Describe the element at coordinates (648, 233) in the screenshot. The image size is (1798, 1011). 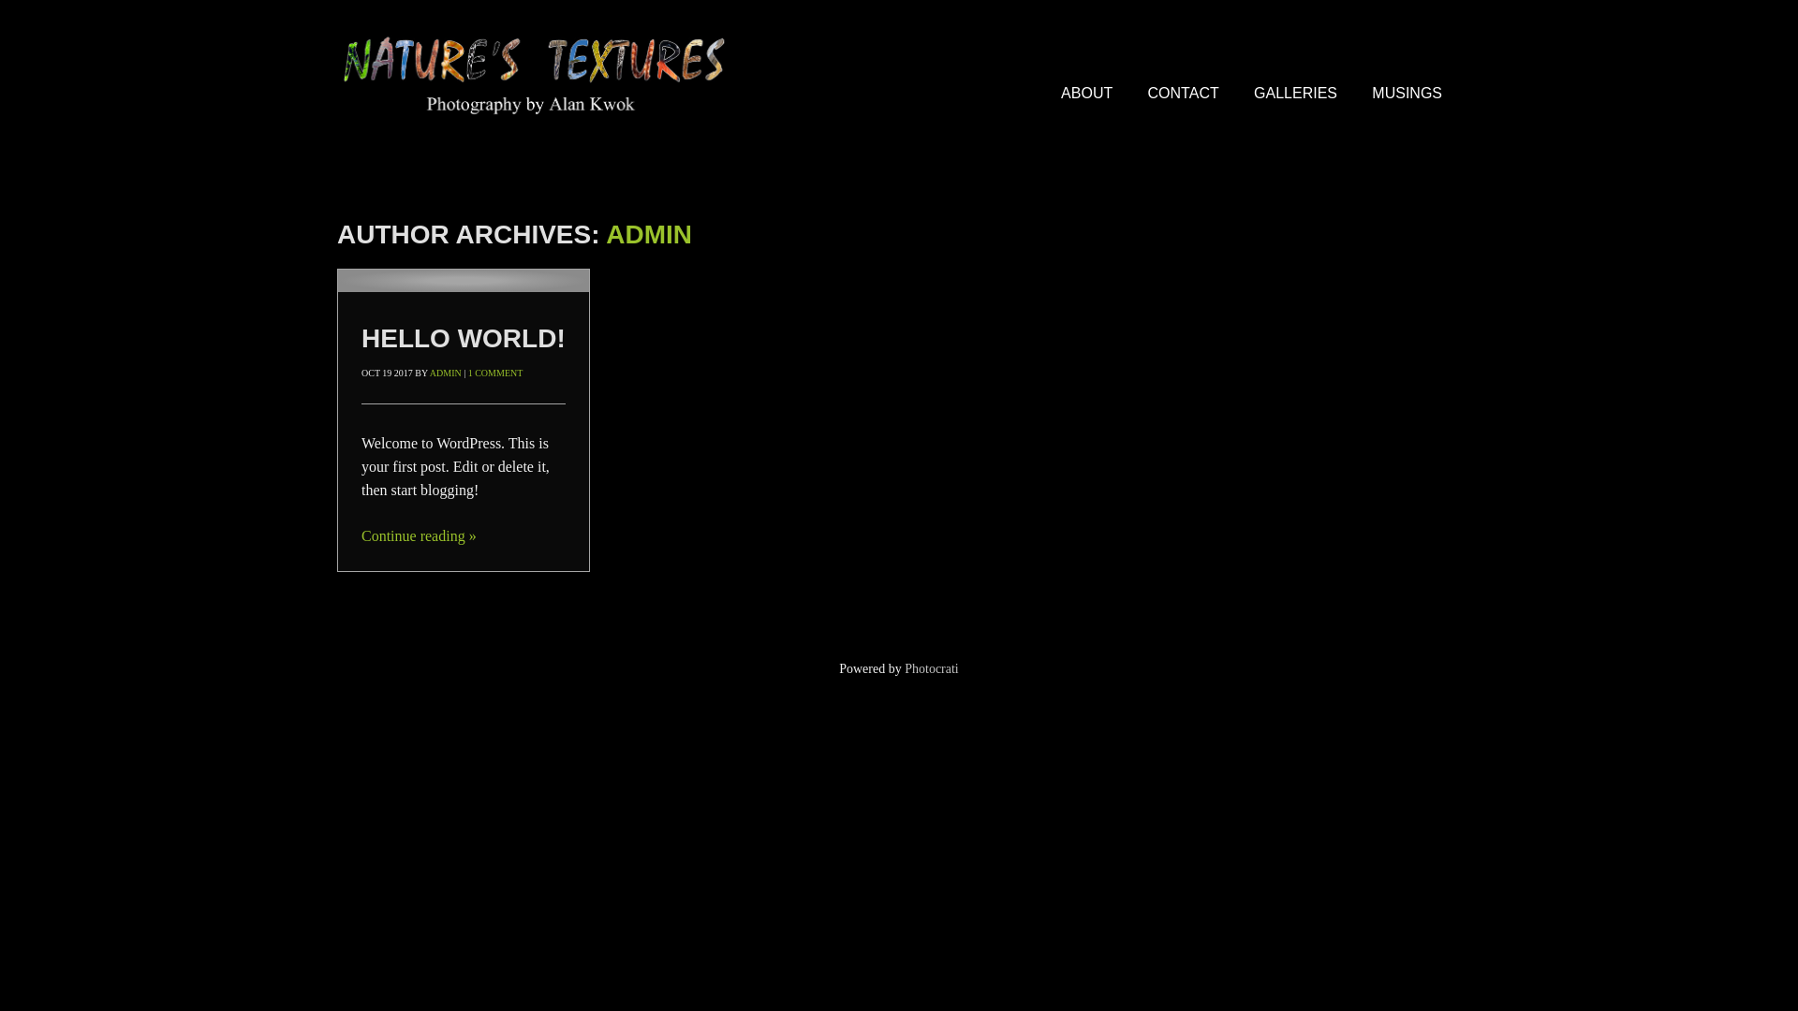
I see `'ADMIN'` at that location.